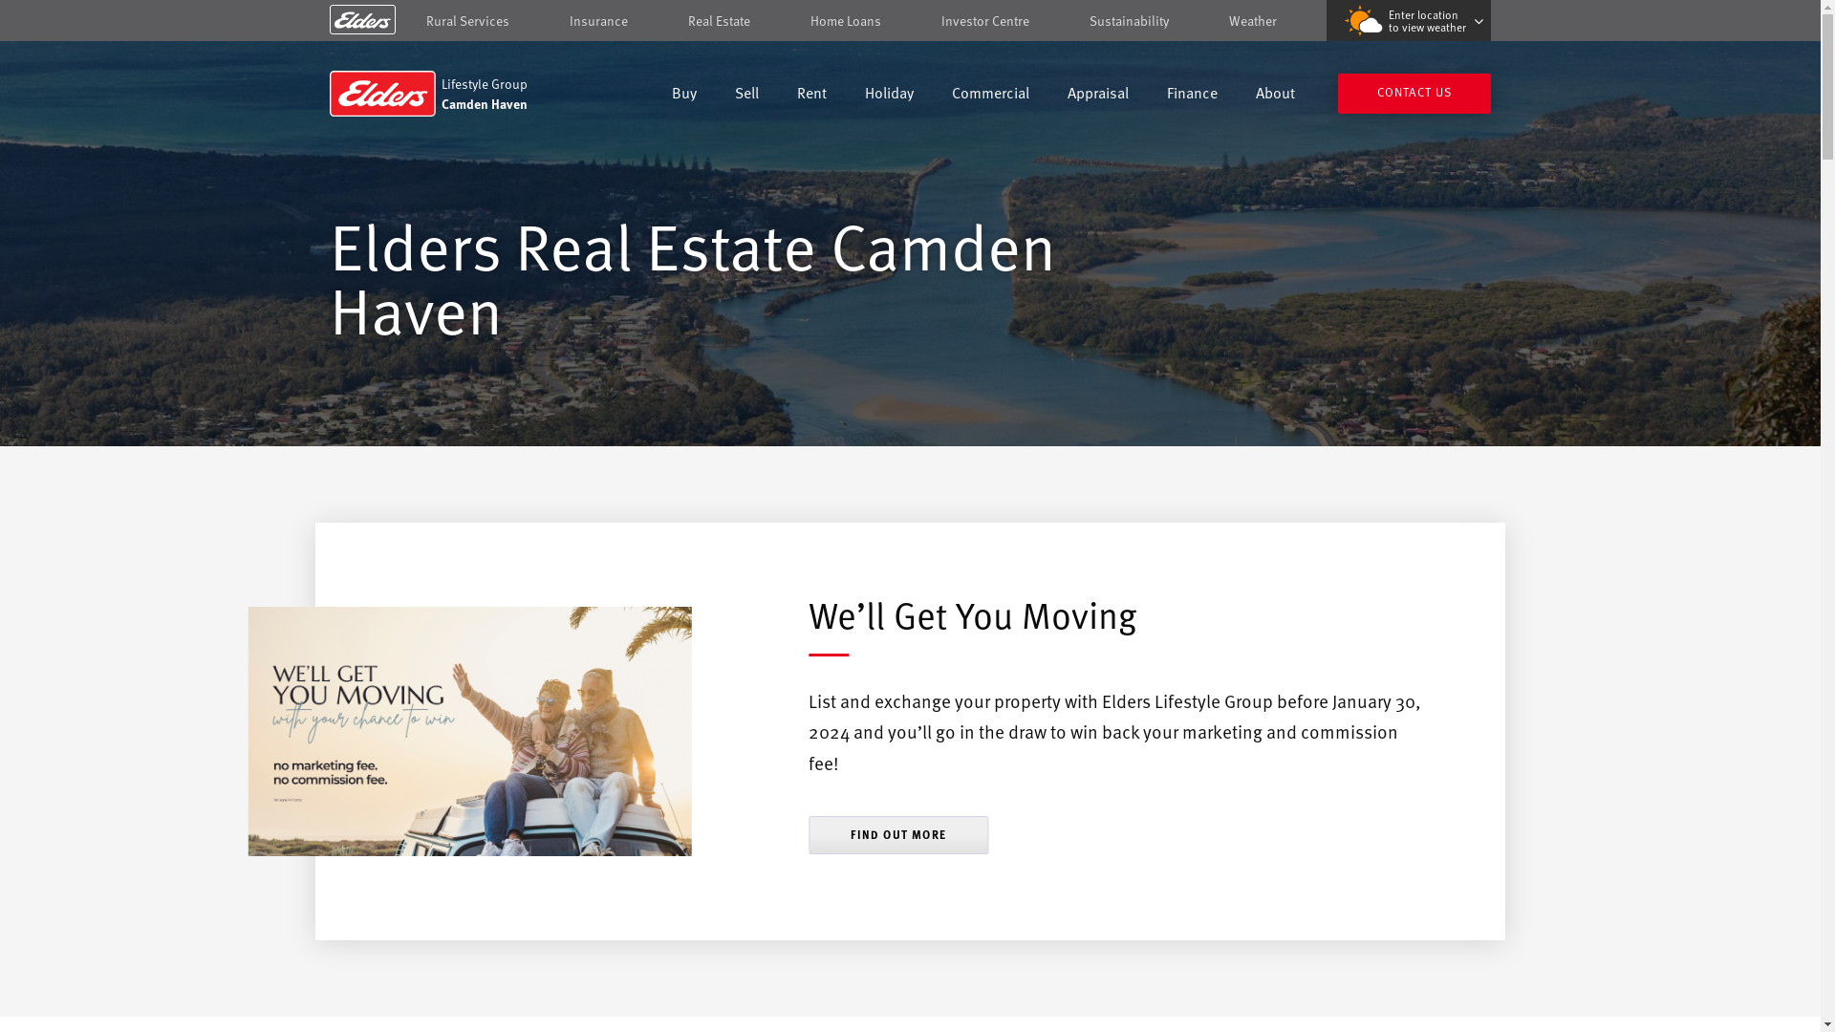 This screenshot has height=1032, width=1835. What do you see at coordinates (1191, 95) in the screenshot?
I see `'Finance'` at bounding box center [1191, 95].